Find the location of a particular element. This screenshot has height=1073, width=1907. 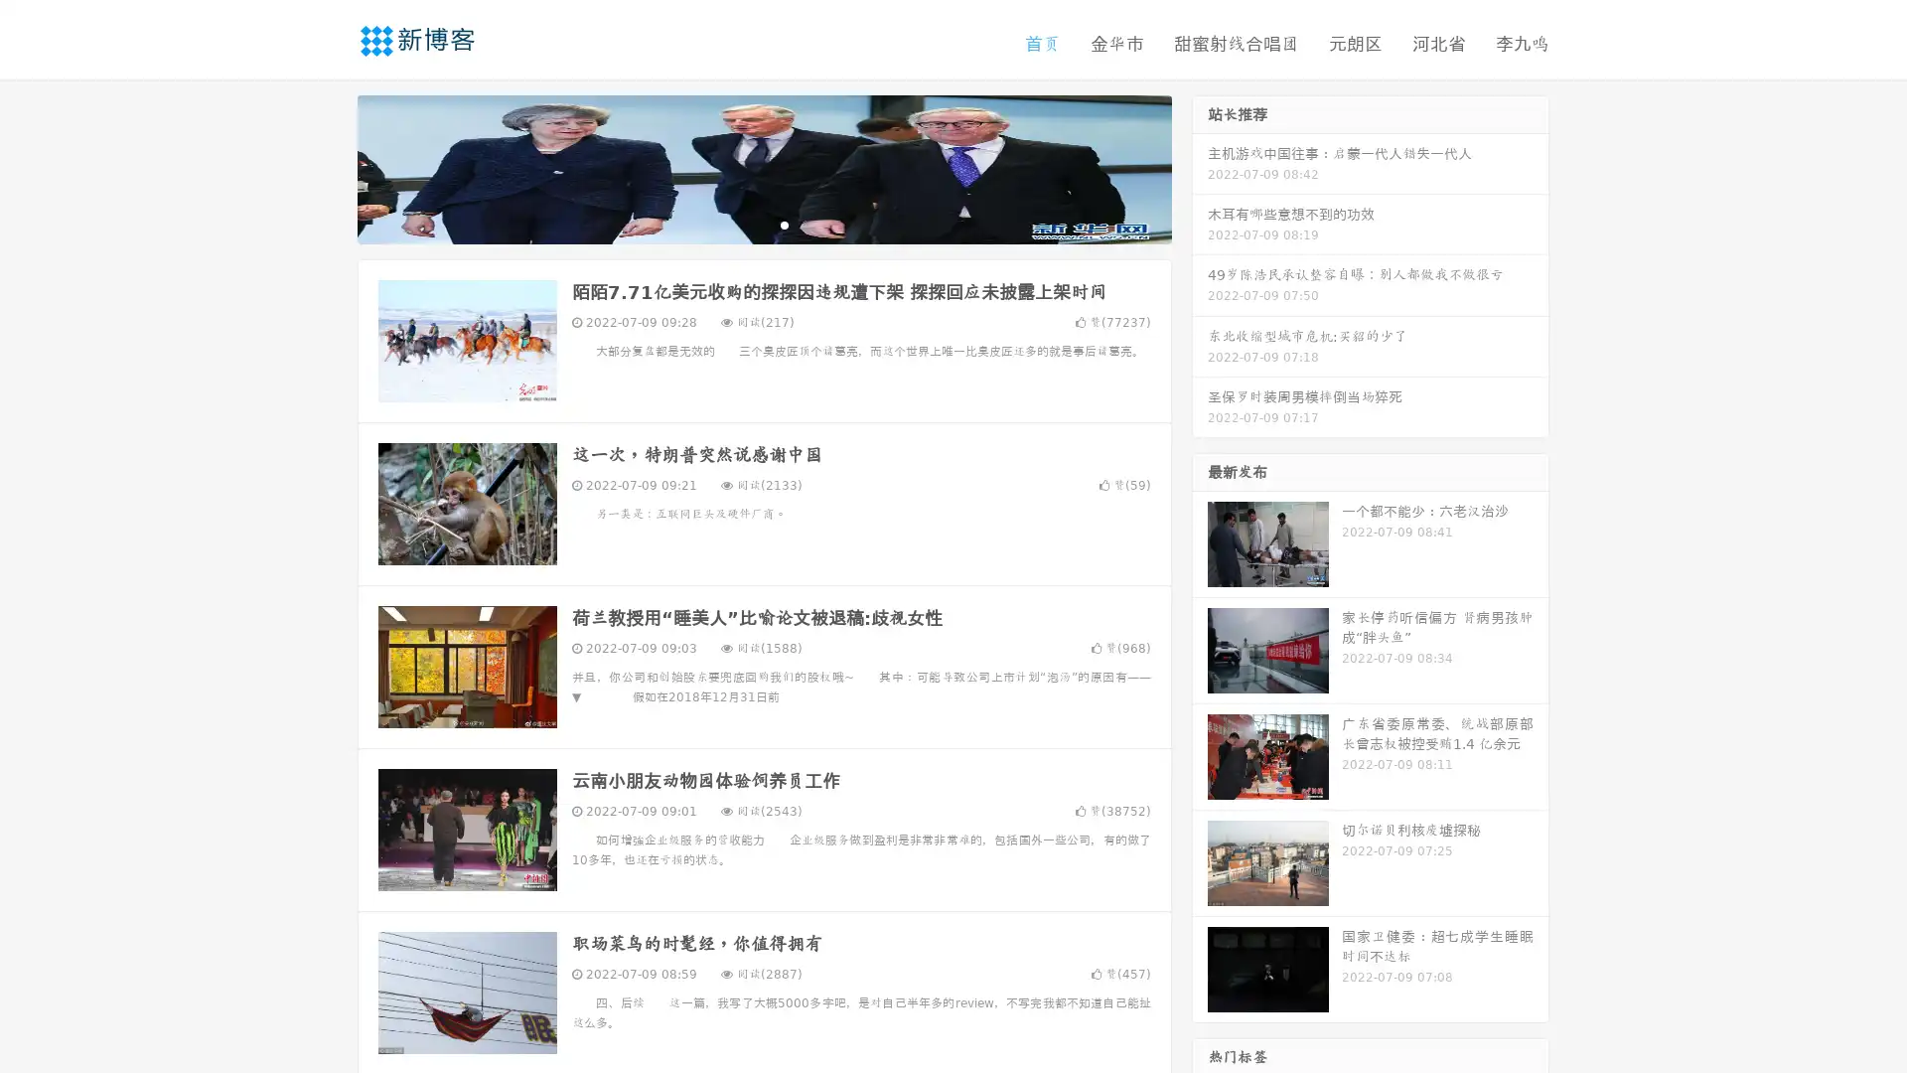

Go to slide 1 is located at coordinates (743, 224).